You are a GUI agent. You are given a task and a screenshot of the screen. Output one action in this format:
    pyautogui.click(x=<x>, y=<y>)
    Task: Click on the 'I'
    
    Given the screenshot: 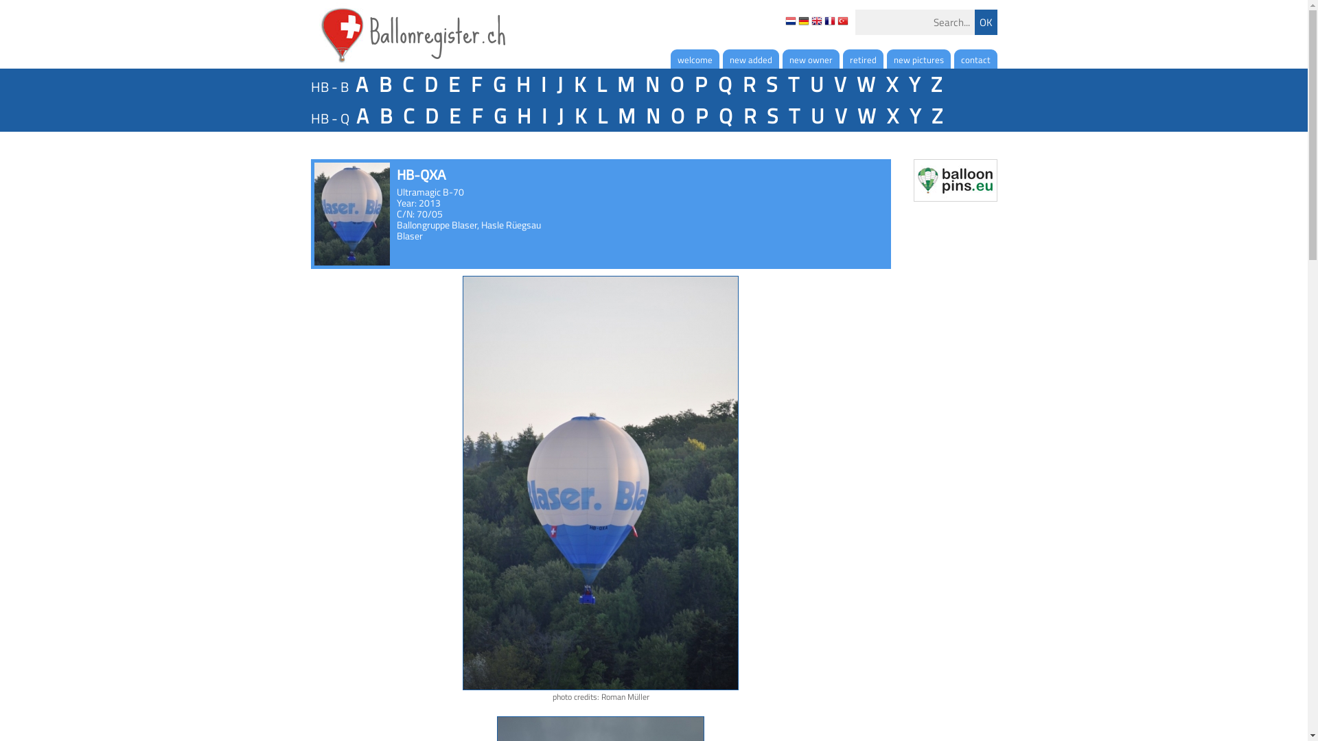 What is the action you would take?
    pyautogui.click(x=542, y=84)
    